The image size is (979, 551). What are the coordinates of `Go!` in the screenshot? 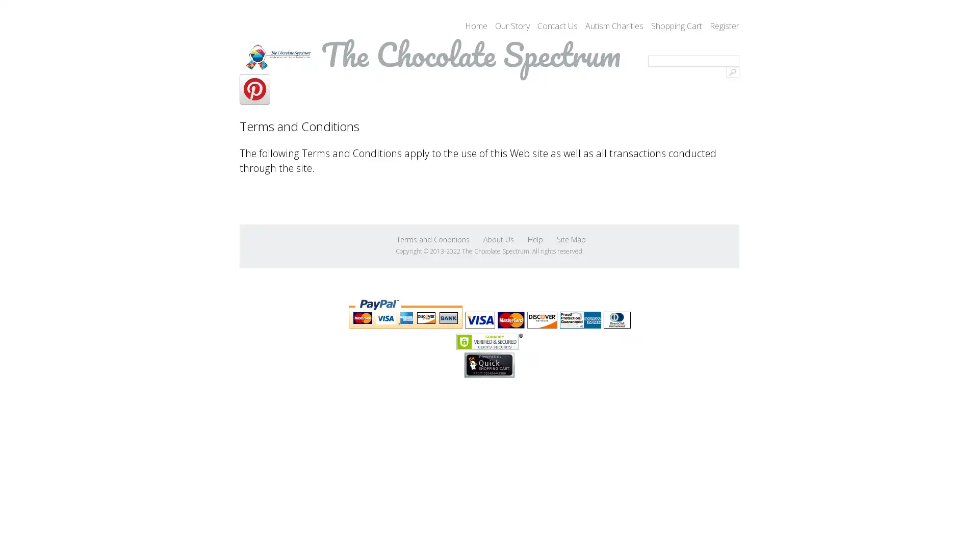 It's located at (732, 72).